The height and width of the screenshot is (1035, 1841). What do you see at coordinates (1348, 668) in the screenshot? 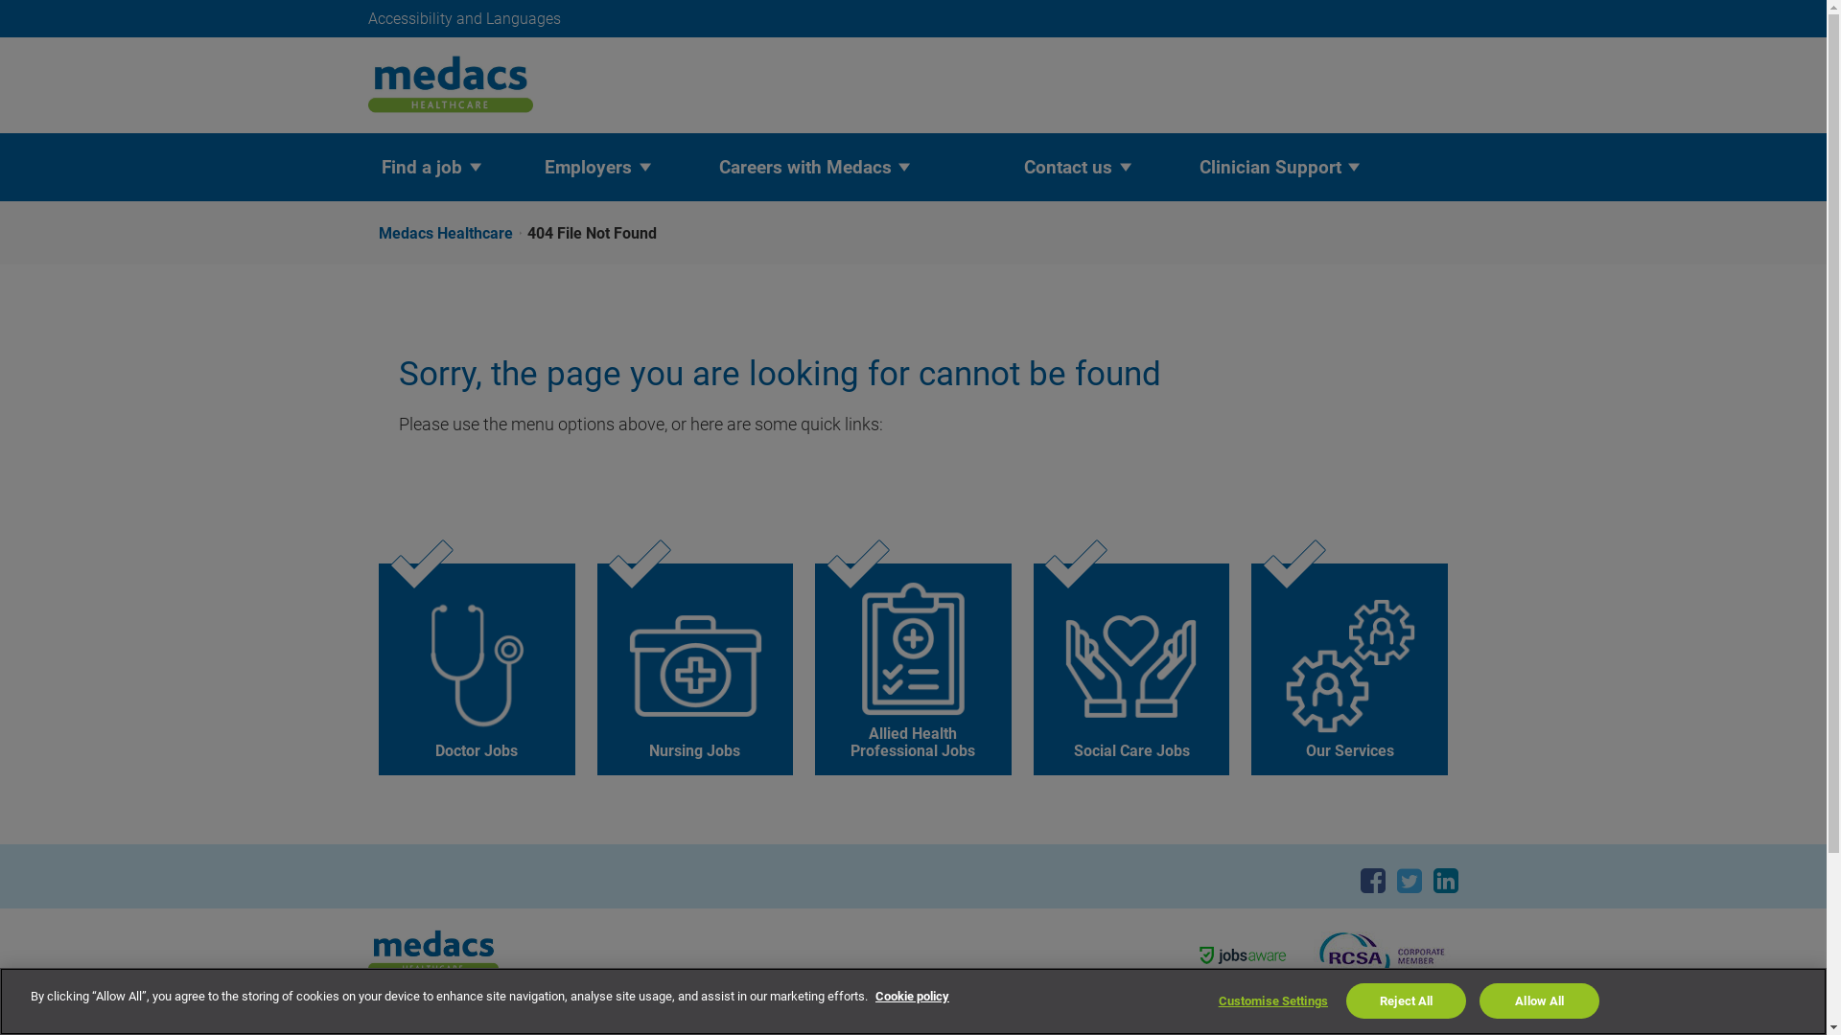
I see `'Our Services'` at bounding box center [1348, 668].